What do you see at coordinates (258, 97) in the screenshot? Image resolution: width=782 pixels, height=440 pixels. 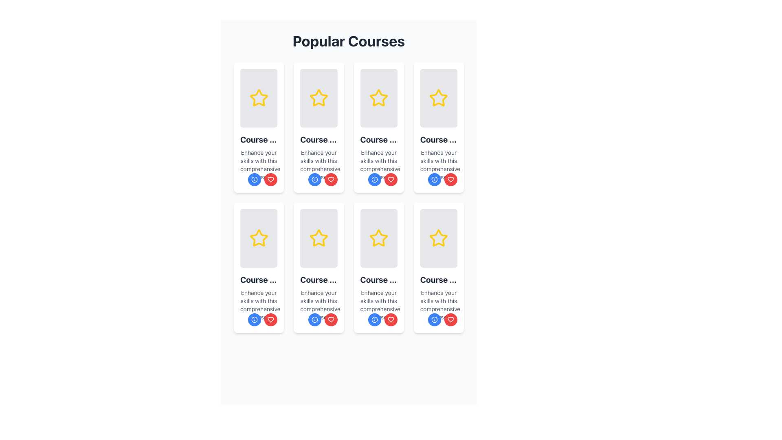 I see `the star-shaped SVG graphic with a yellow stroke, which is located in the first card of the grid layout, above the 'Course ...' text` at bounding box center [258, 97].